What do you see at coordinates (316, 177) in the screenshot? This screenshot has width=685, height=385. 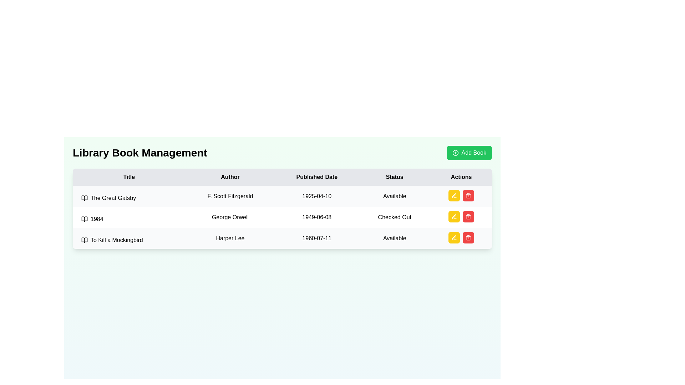 I see `the 'Published Date' column header which is the third column in the table layout, providing context for publication dates of books listed below` at bounding box center [316, 177].